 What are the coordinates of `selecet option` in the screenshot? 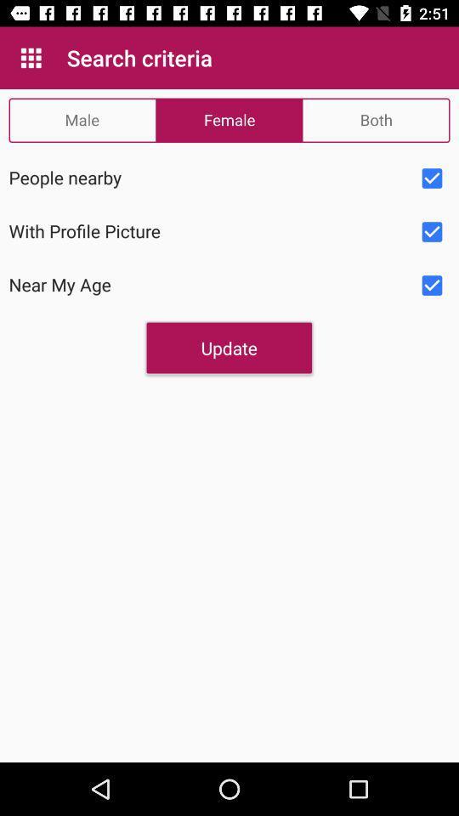 It's located at (432, 286).